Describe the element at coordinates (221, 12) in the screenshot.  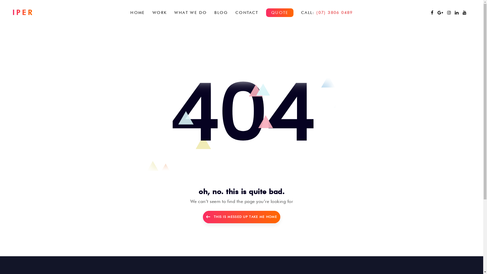
I see `'BLOG'` at that location.